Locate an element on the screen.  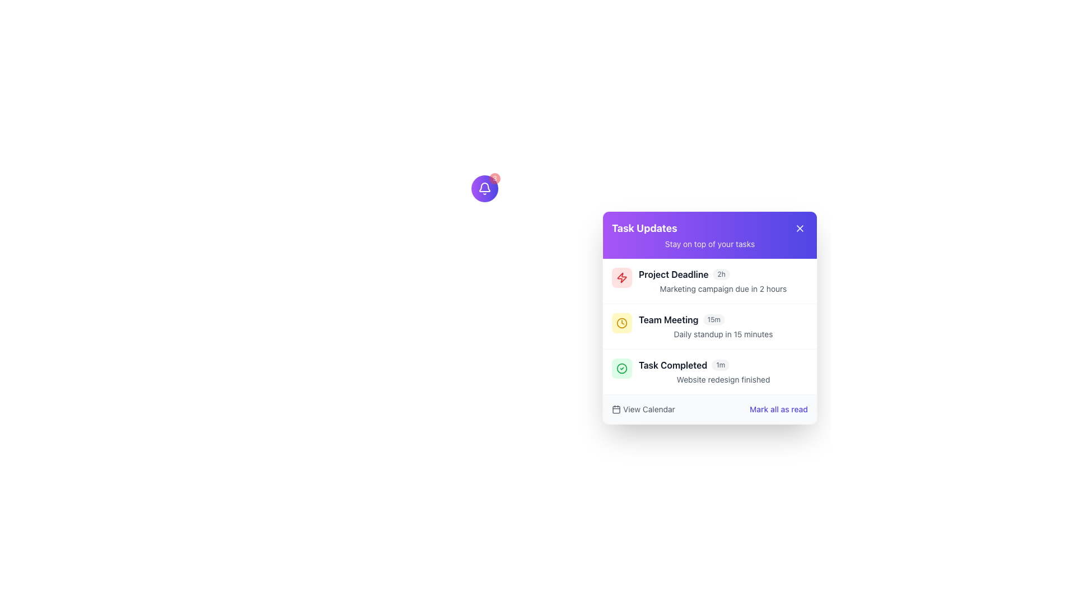
the task update notification for the imminent deadline for a marketing campaign, which is the topmost entry under the 'Task Updates' section in the notifications panel is located at coordinates (709, 280).